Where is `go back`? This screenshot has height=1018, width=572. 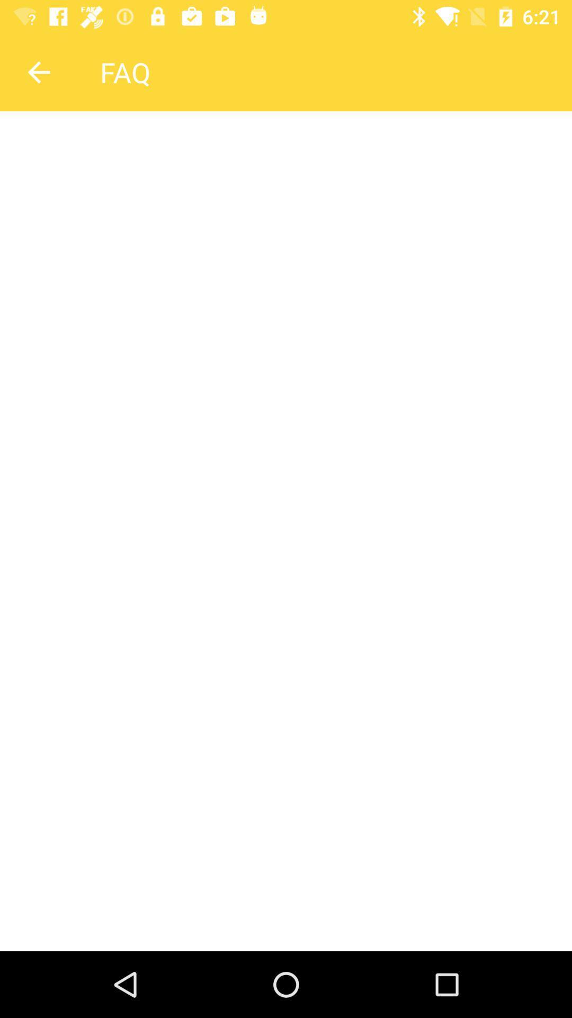 go back is located at coordinates (38, 72).